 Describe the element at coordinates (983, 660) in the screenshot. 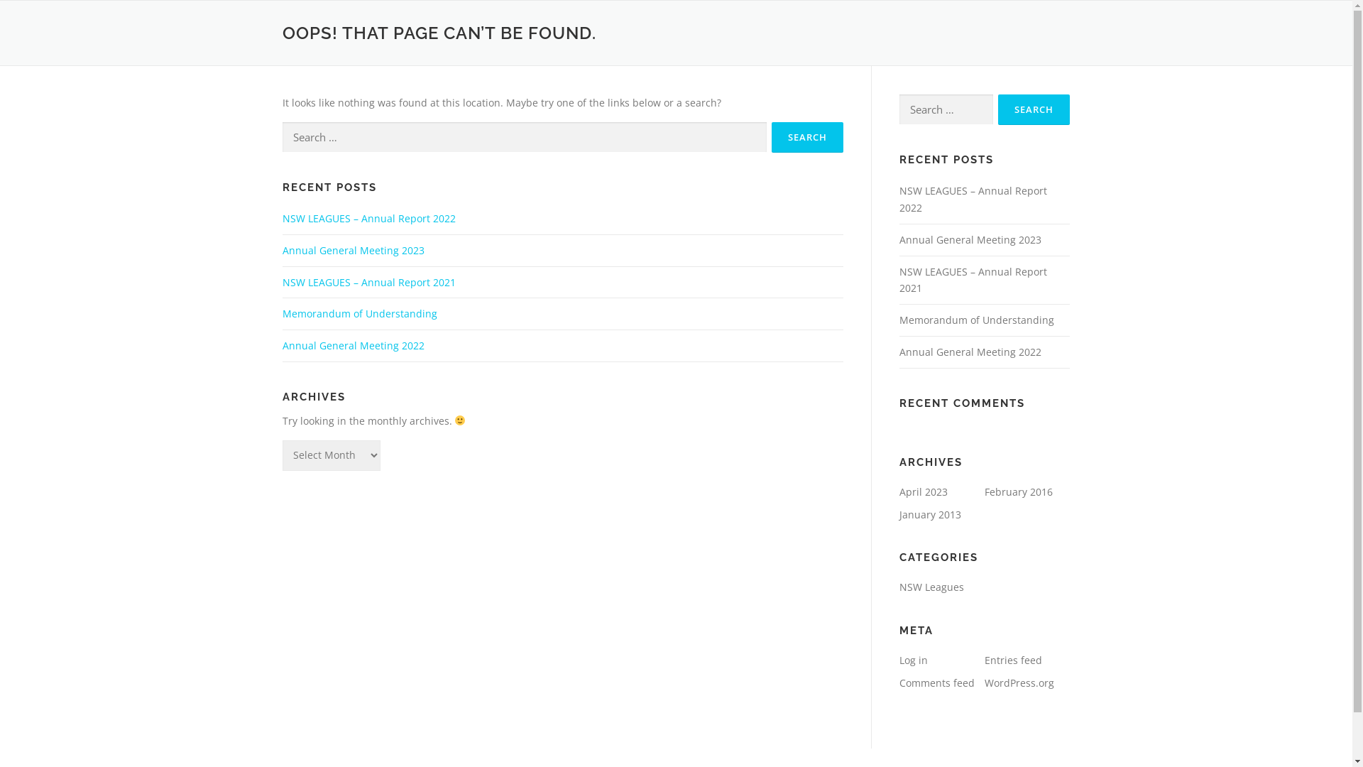

I see `'Entries feed'` at that location.